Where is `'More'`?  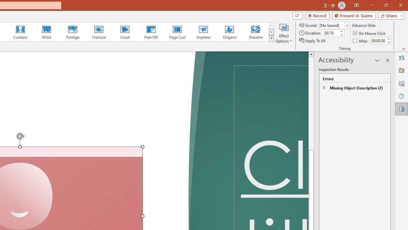
'More' is located at coordinates (388, 39).